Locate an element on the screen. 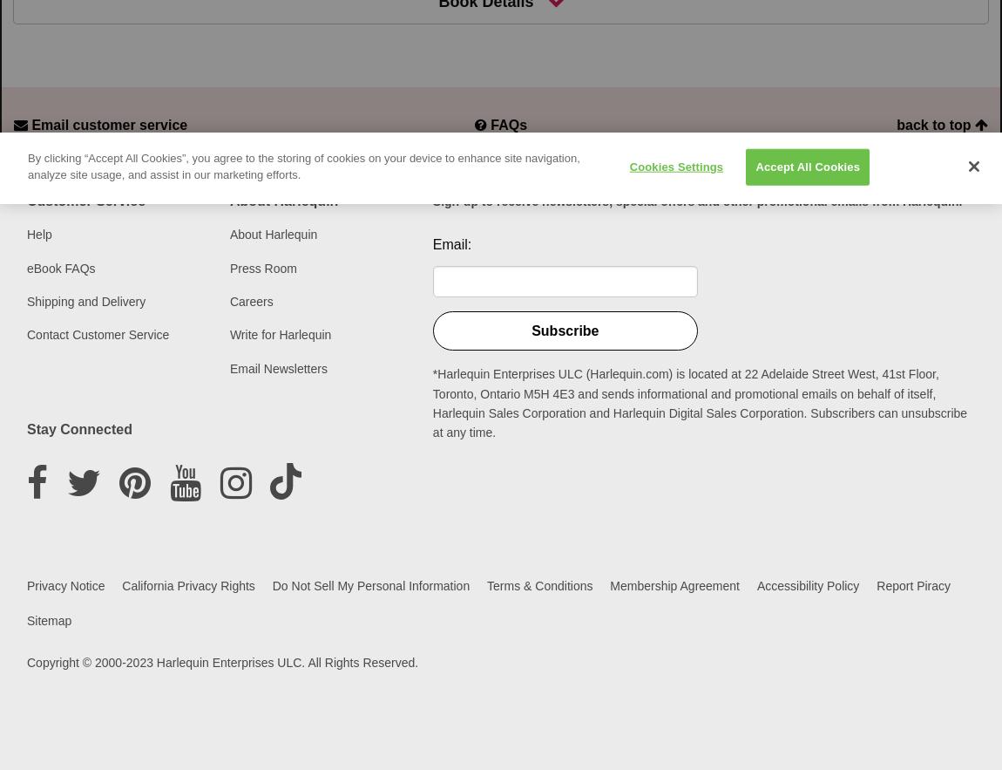 The width and height of the screenshot is (1002, 770). 'Email Newsletters' is located at coordinates (278, 367).